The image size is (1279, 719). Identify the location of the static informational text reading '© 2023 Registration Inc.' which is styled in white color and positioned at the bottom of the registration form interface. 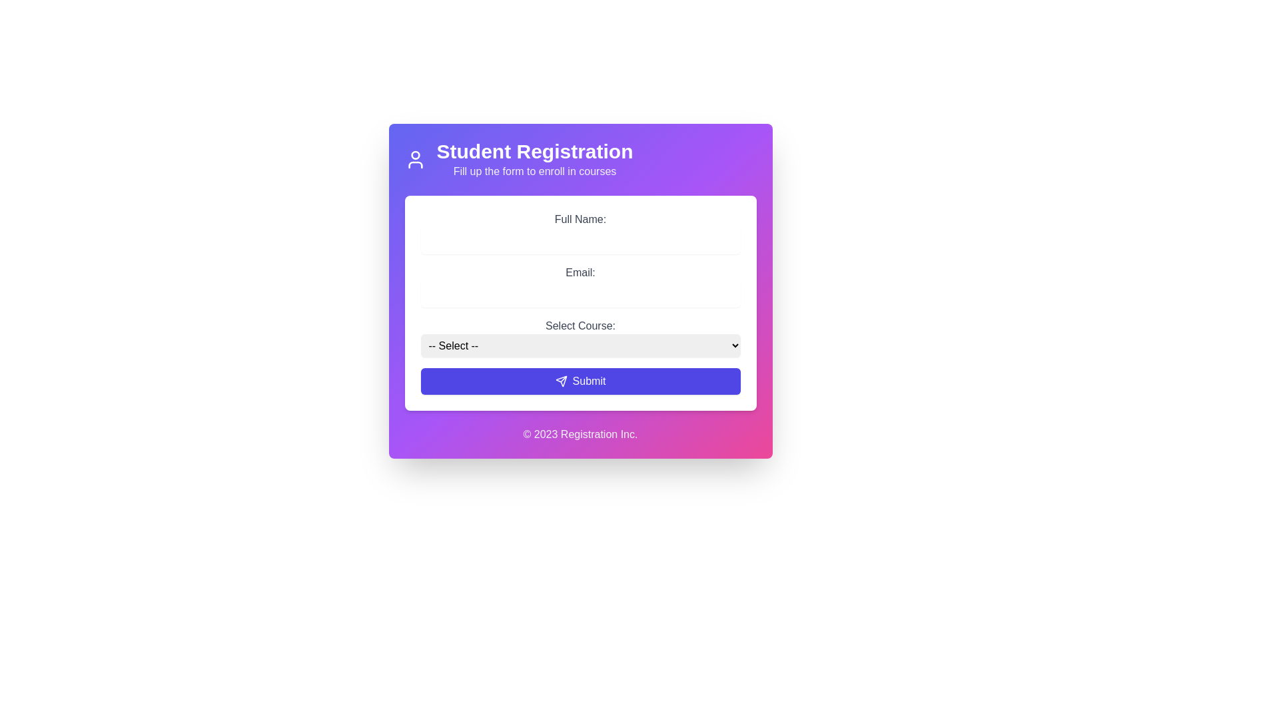
(580, 434).